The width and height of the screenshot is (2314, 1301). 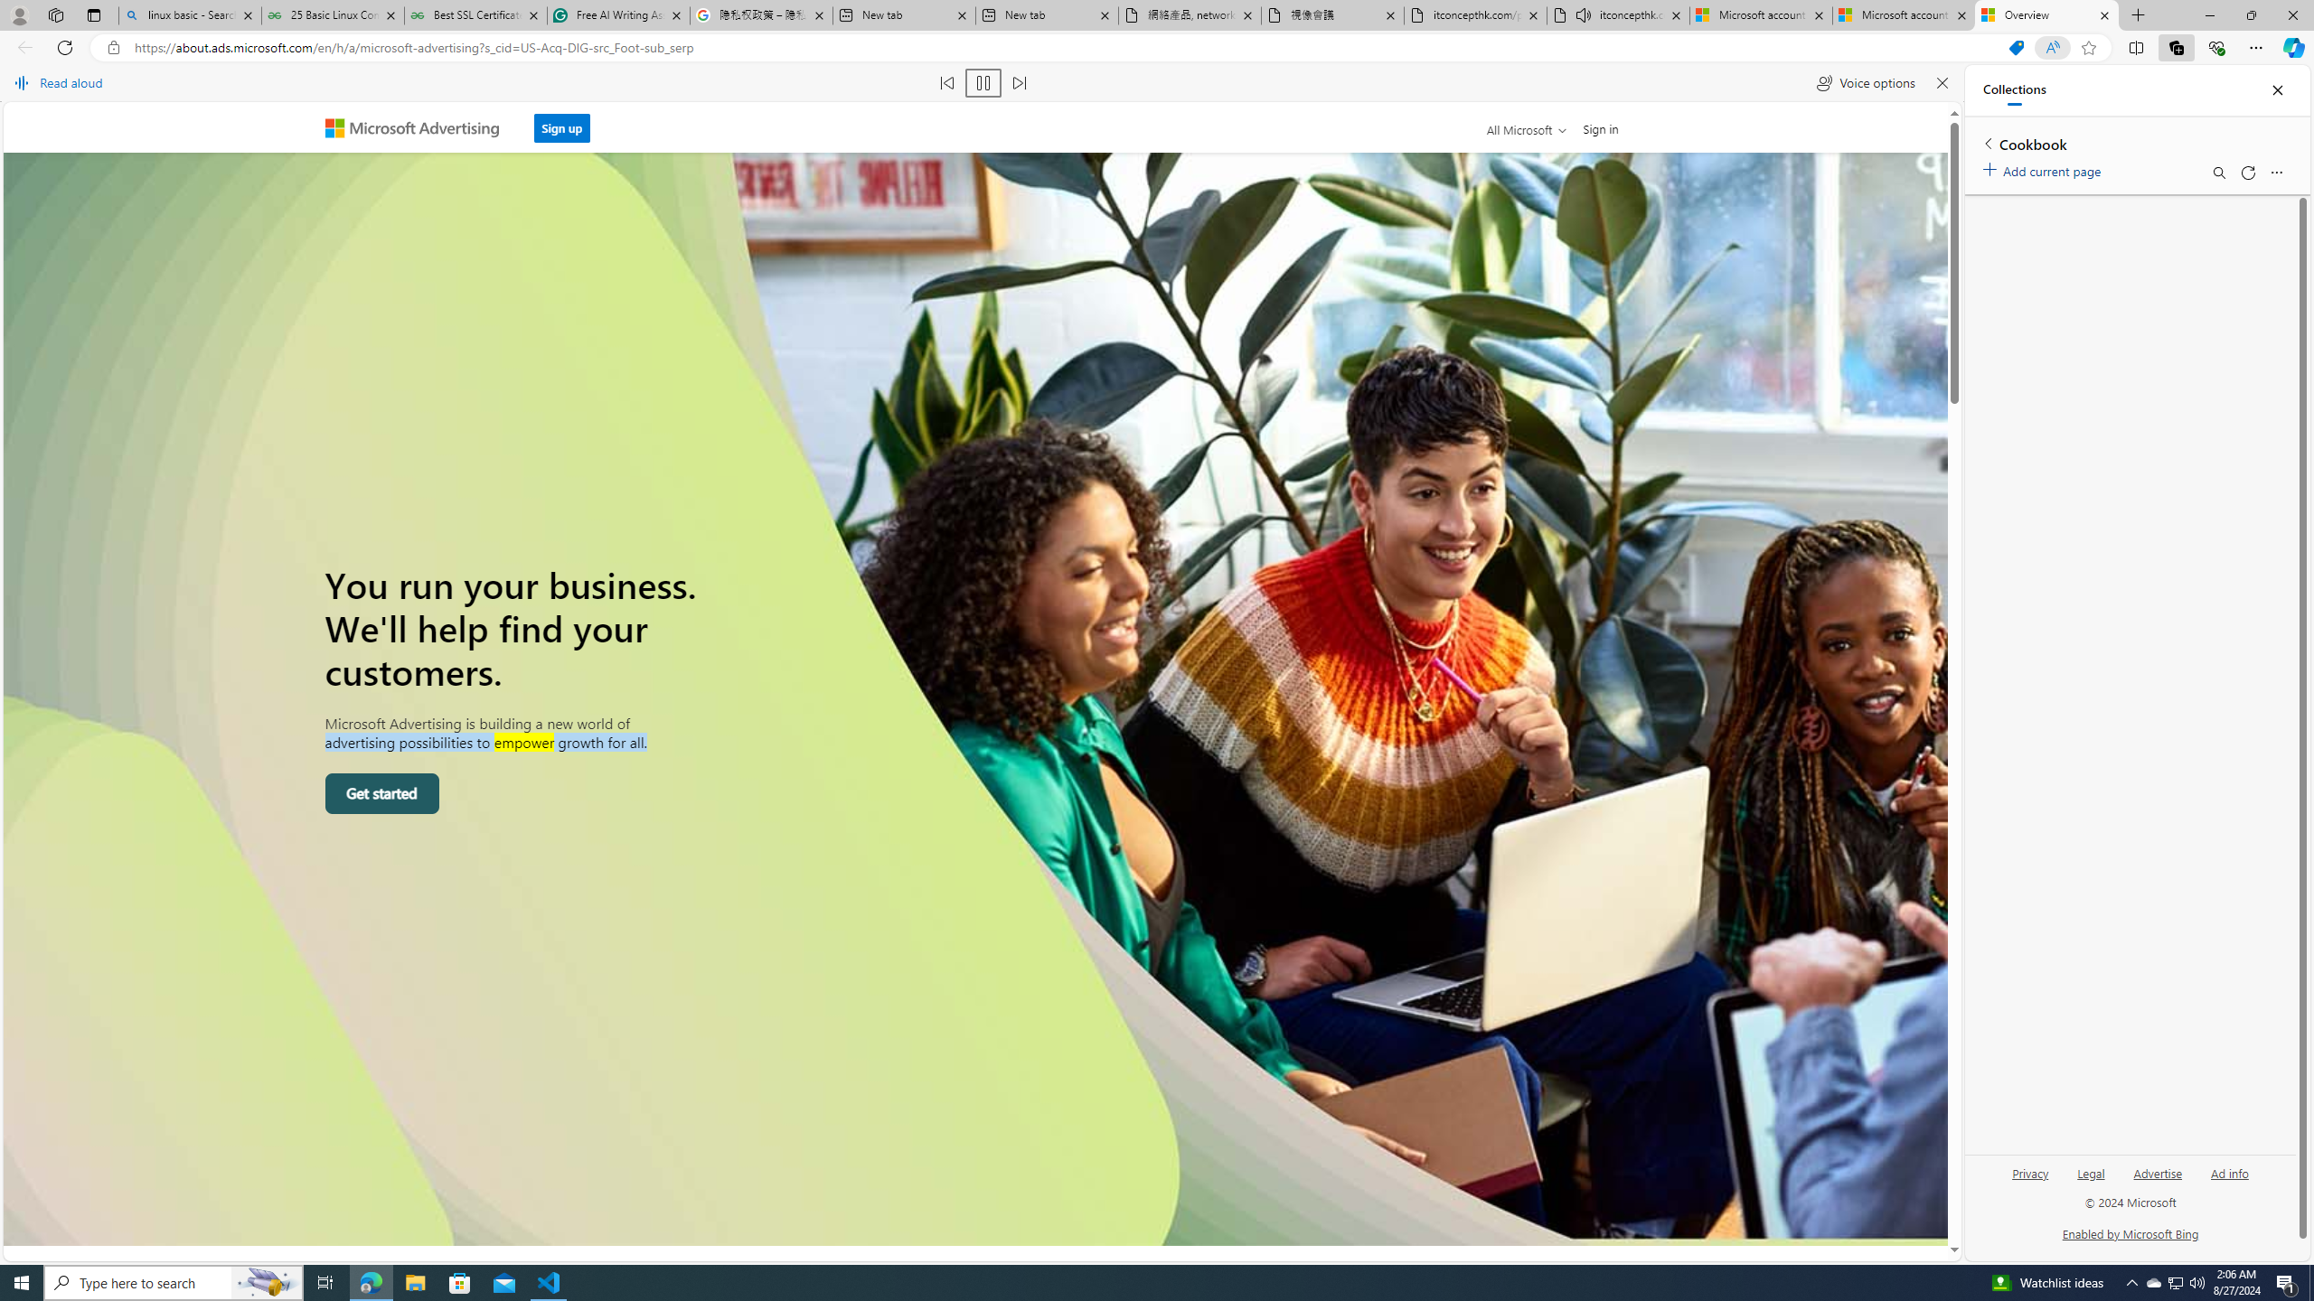 What do you see at coordinates (2045, 166) in the screenshot?
I see `'Add current page'` at bounding box center [2045, 166].